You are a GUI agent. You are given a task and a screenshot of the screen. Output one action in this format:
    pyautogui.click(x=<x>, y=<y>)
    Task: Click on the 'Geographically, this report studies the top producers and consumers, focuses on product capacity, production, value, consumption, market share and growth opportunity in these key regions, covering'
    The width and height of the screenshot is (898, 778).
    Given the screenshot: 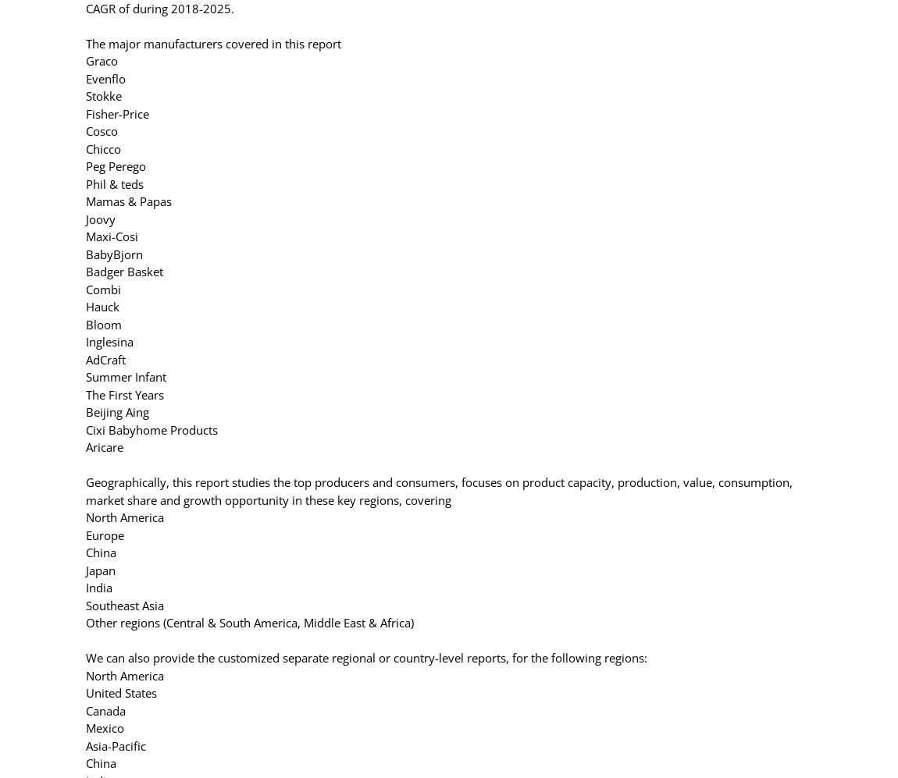 What is the action you would take?
    pyautogui.click(x=439, y=490)
    